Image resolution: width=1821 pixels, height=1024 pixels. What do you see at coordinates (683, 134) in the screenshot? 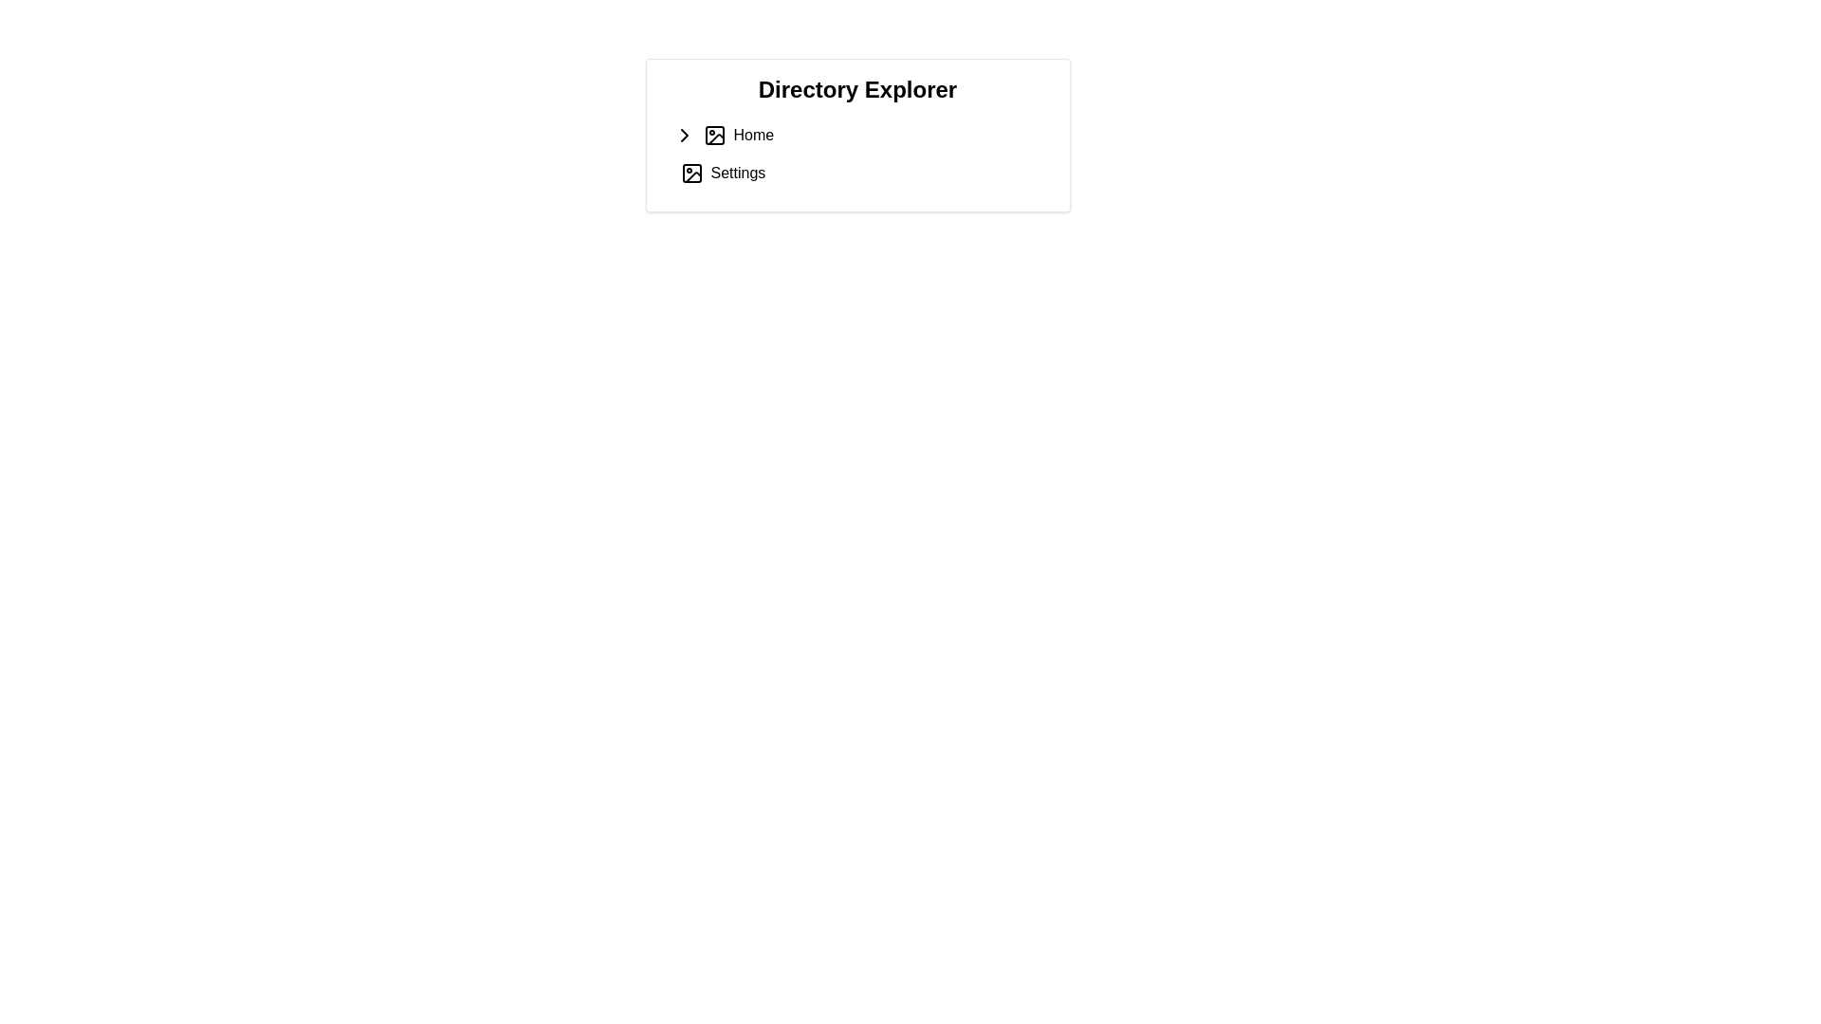
I see `the right-pointing chevron icon within the compact square frame, which is the first visual element in the 'Home' entry` at bounding box center [683, 134].